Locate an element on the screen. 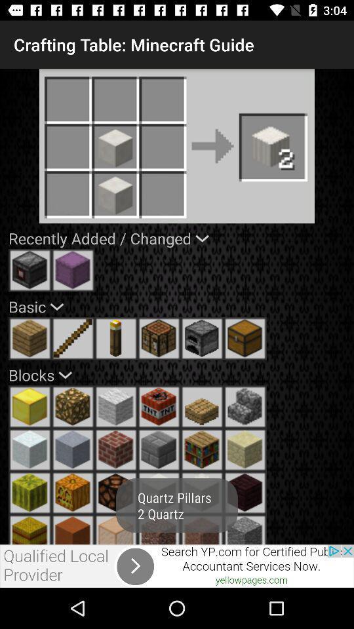 This screenshot has width=354, height=629. pick the option is located at coordinates (202, 492).